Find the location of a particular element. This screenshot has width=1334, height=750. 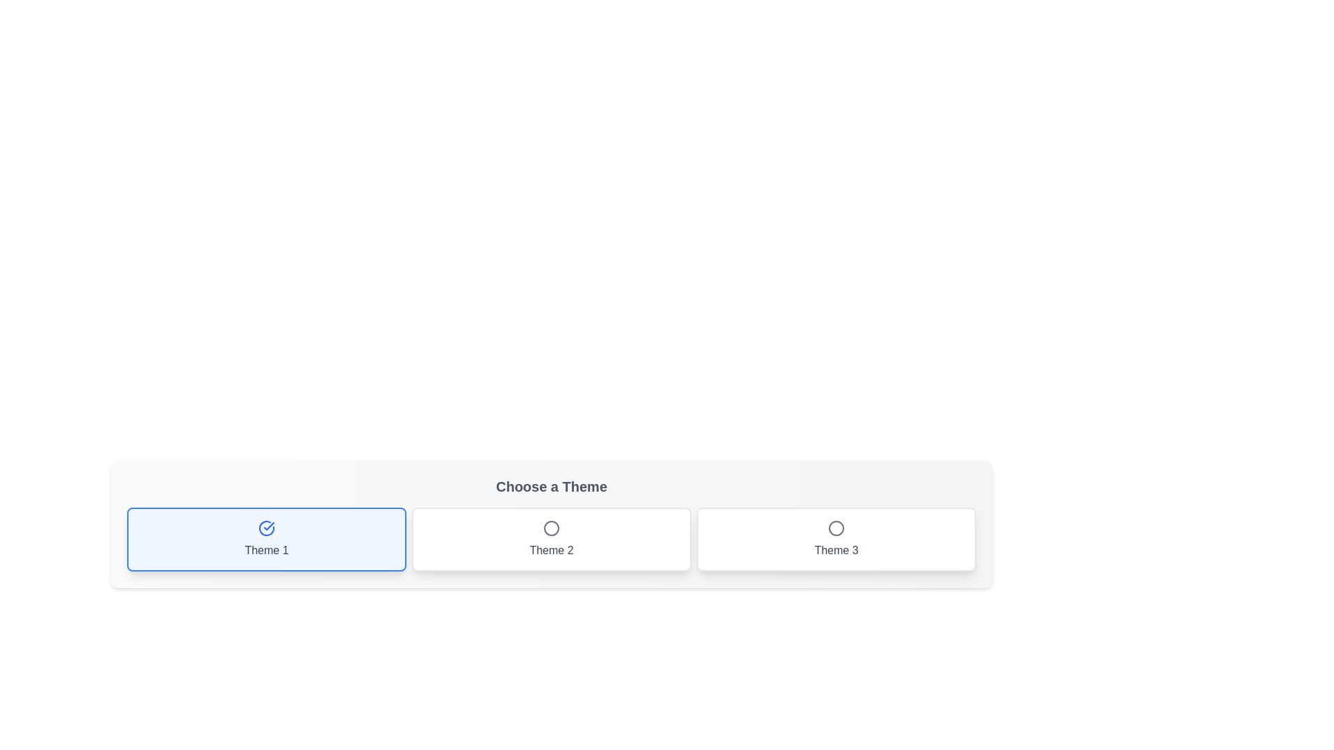

the style of the circle indicating the selection status for the 'Theme 3' option in the theme selector interface is located at coordinates (836, 528).